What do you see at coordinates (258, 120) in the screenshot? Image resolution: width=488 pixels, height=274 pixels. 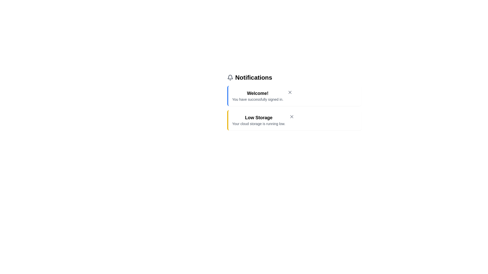 I see `low cloud storage notification, which is the second notification in the Notifications section, located directly beneath a similar blue-bordered notification` at bounding box center [258, 120].